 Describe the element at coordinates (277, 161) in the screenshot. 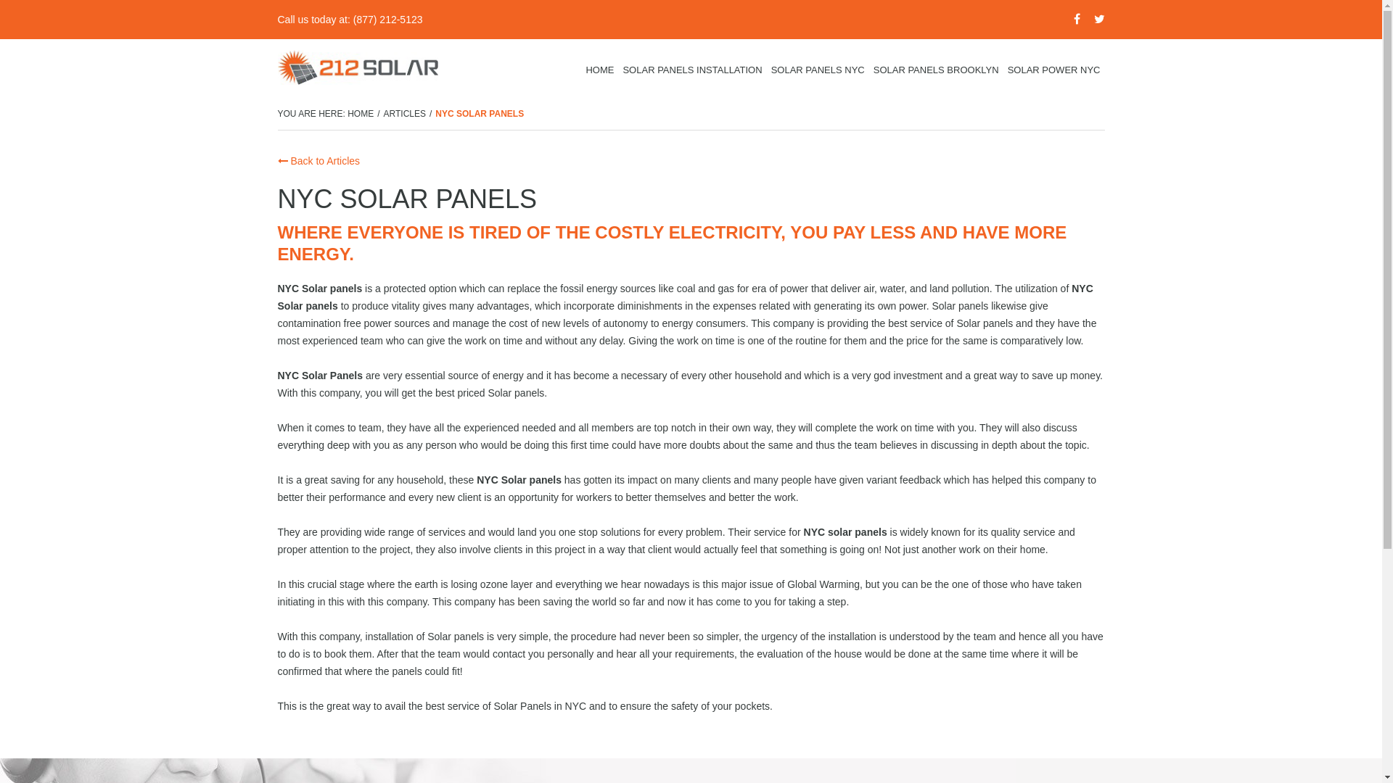

I see `'Back to Articles'` at that location.